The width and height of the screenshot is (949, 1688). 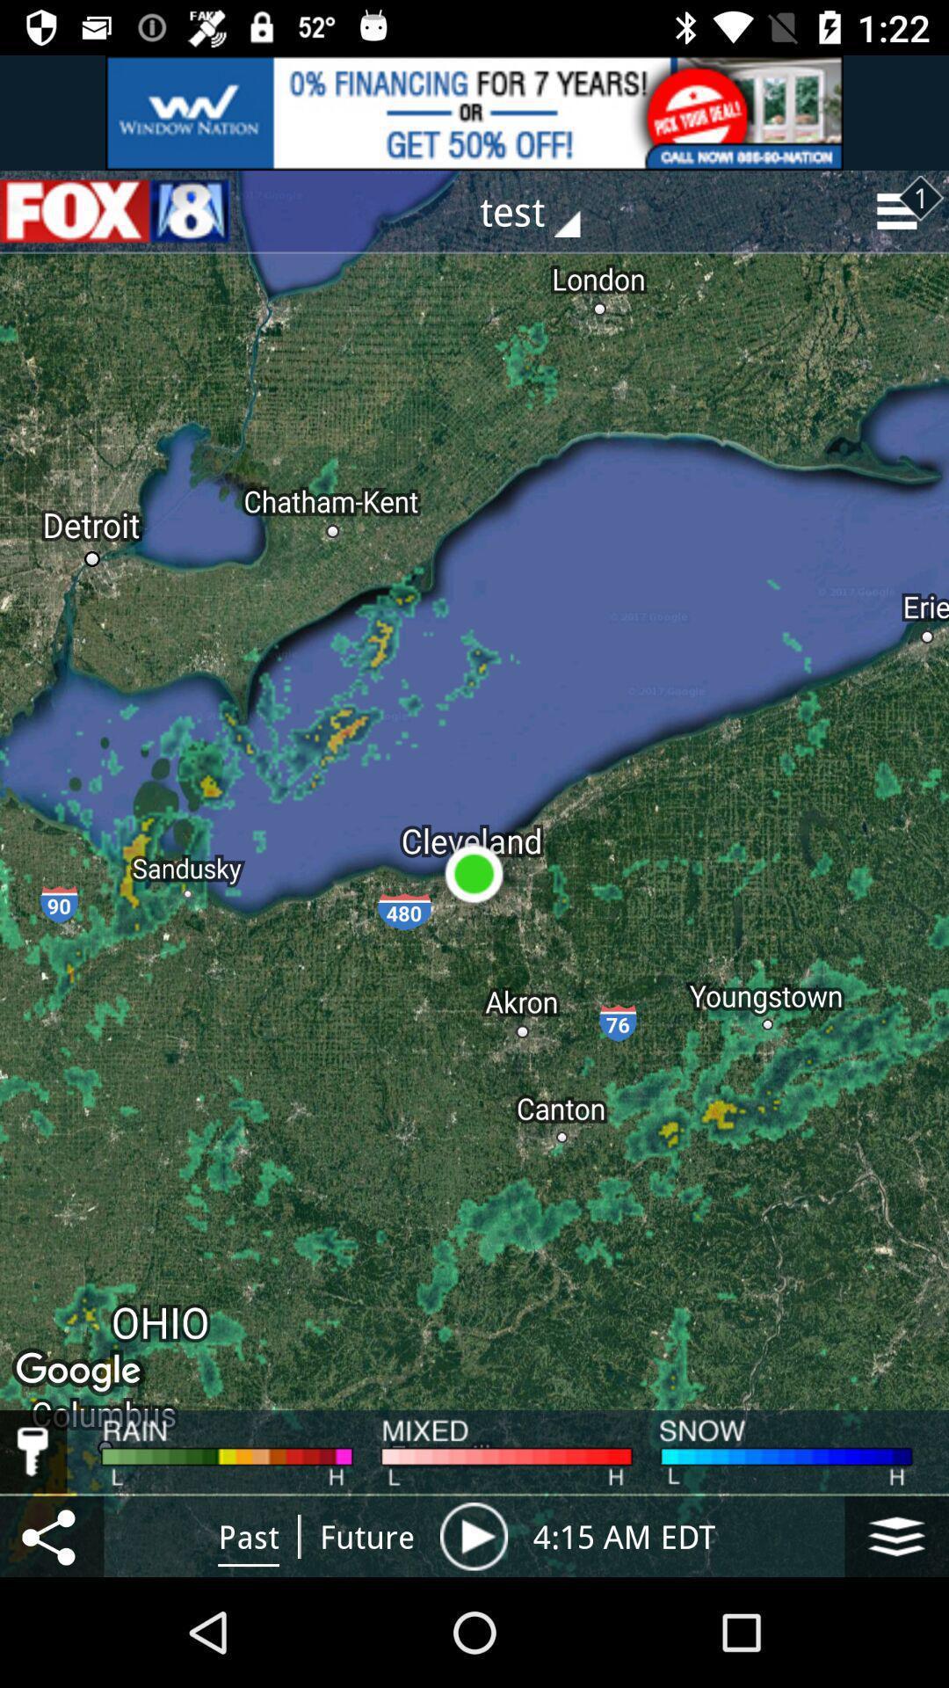 What do you see at coordinates (542, 211) in the screenshot?
I see `drop down button with text test` at bounding box center [542, 211].